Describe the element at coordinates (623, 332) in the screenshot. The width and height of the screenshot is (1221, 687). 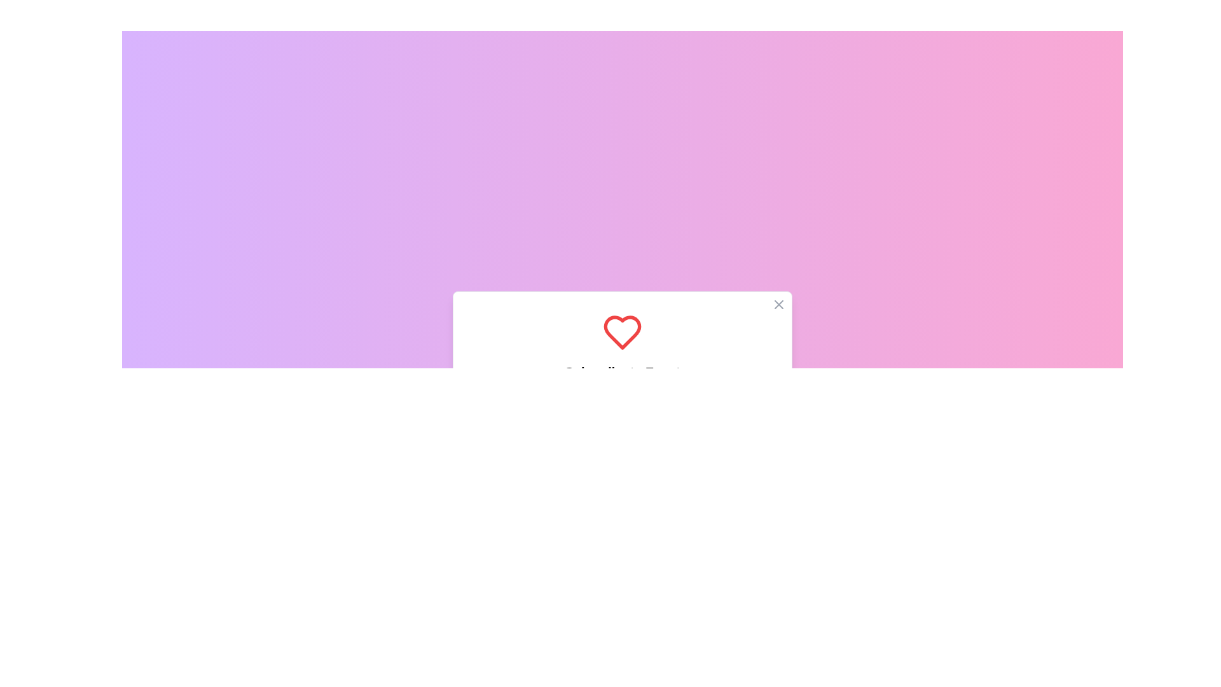
I see `the heart icon located in the 'Subscribe to Event' dialog box, positioned directly above the title text` at that location.